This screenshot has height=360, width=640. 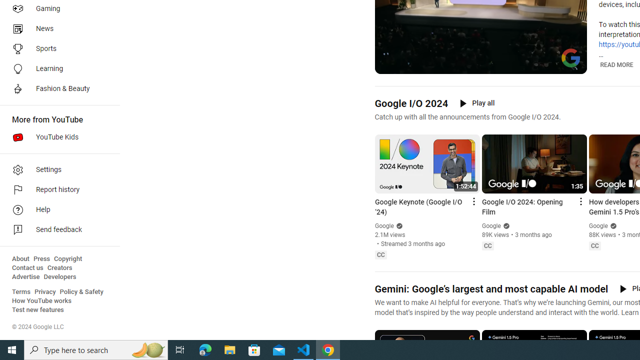 What do you see at coordinates (59, 267) in the screenshot?
I see `'Creators'` at bounding box center [59, 267].